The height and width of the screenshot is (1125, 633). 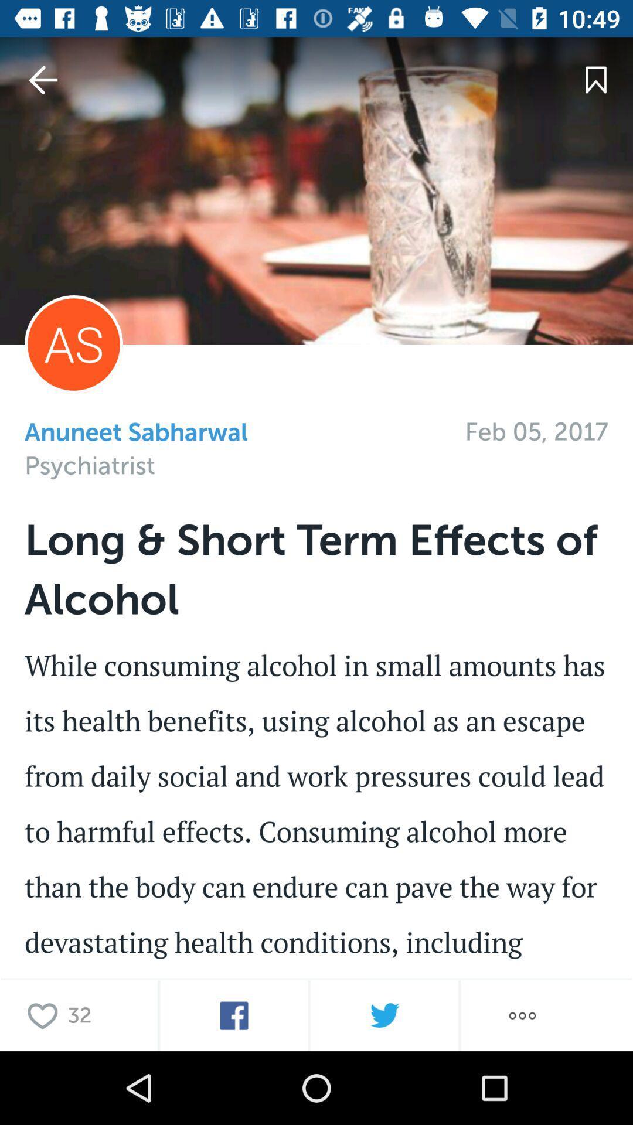 I want to click on article content, so click(x=316, y=845).